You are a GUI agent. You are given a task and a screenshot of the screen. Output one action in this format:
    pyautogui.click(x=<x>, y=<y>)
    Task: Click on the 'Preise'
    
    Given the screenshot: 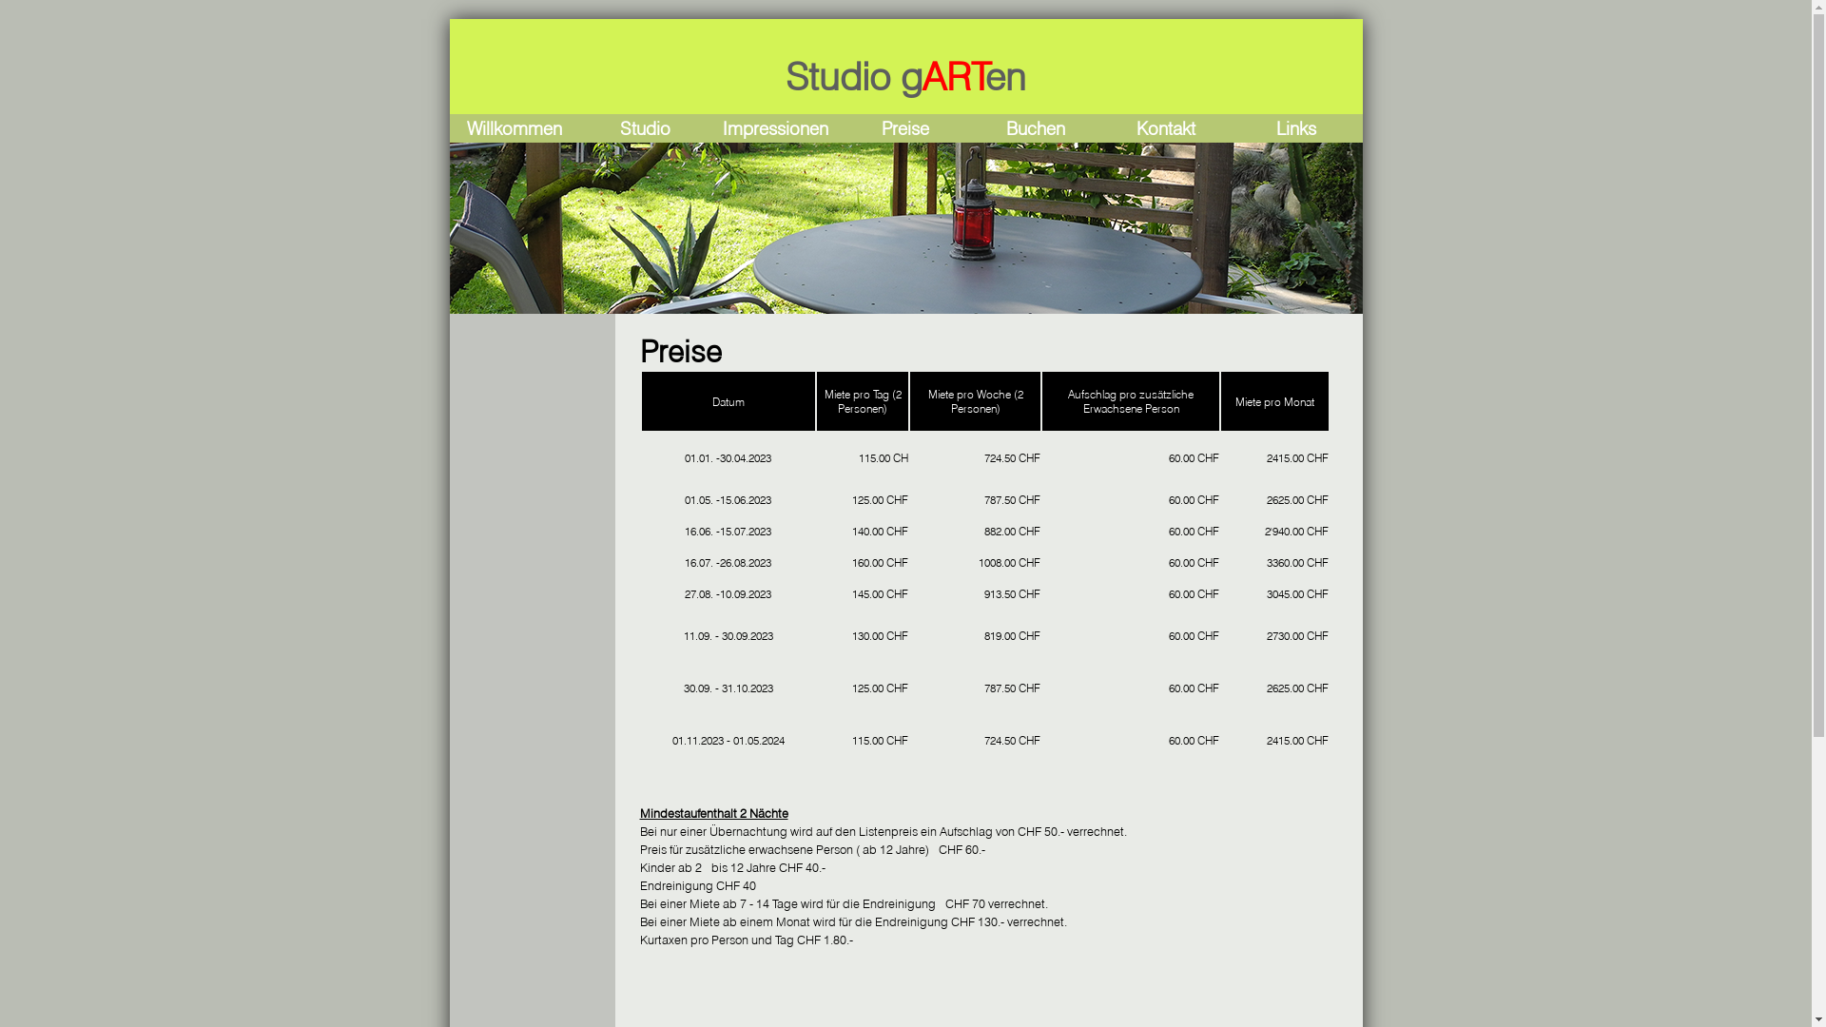 What is the action you would take?
    pyautogui.click(x=903, y=128)
    